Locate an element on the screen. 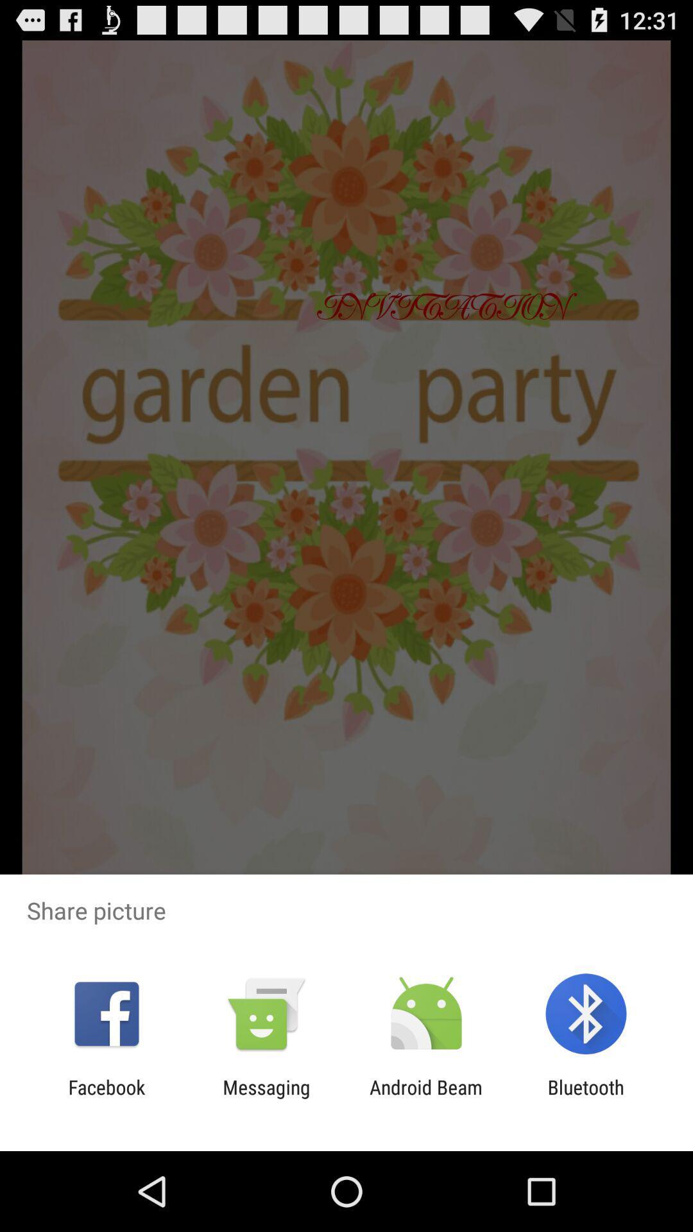  the icon to the right of messaging app is located at coordinates (426, 1098).